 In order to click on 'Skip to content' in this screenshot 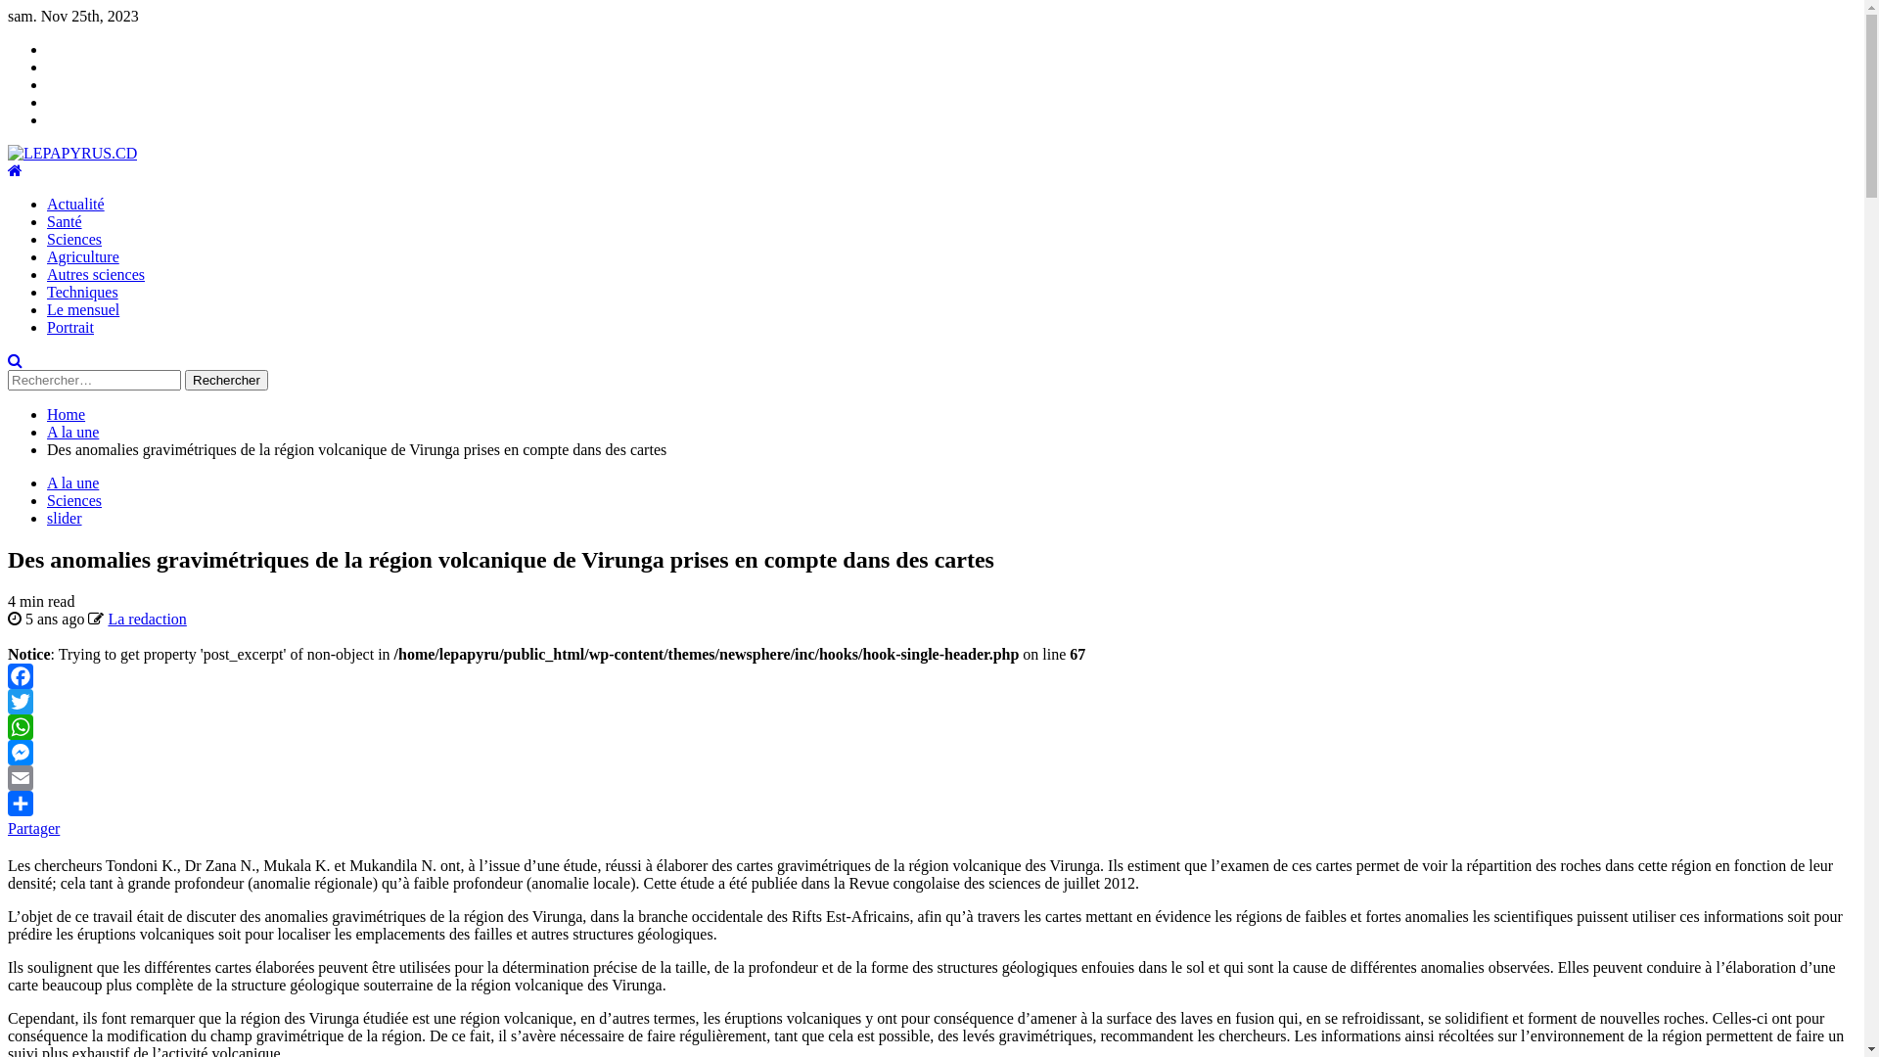, I will do `click(7, 7)`.